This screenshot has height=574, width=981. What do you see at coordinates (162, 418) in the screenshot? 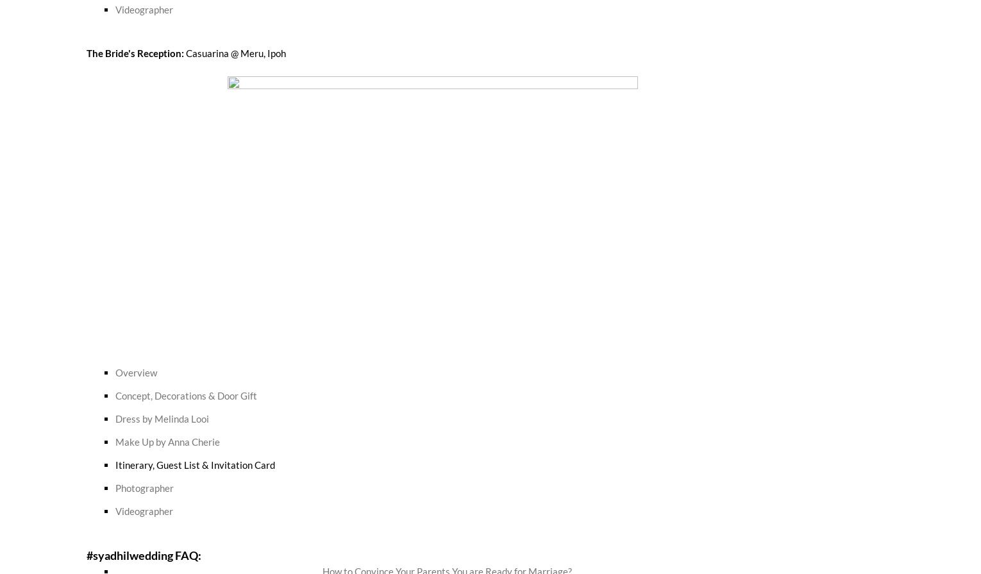
I see `'Dress by Melinda Looi'` at bounding box center [162, 418].